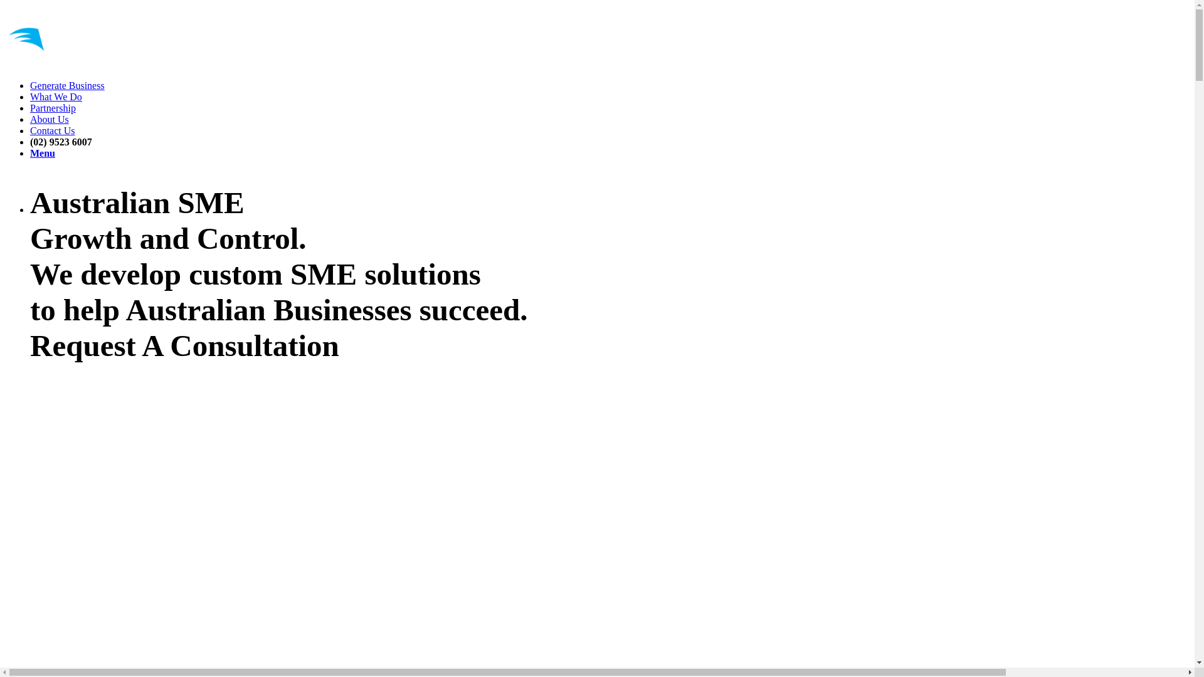  Describe the element at coordinates (55, 96) in the screenshot. I see `'What We Do'` at that location.